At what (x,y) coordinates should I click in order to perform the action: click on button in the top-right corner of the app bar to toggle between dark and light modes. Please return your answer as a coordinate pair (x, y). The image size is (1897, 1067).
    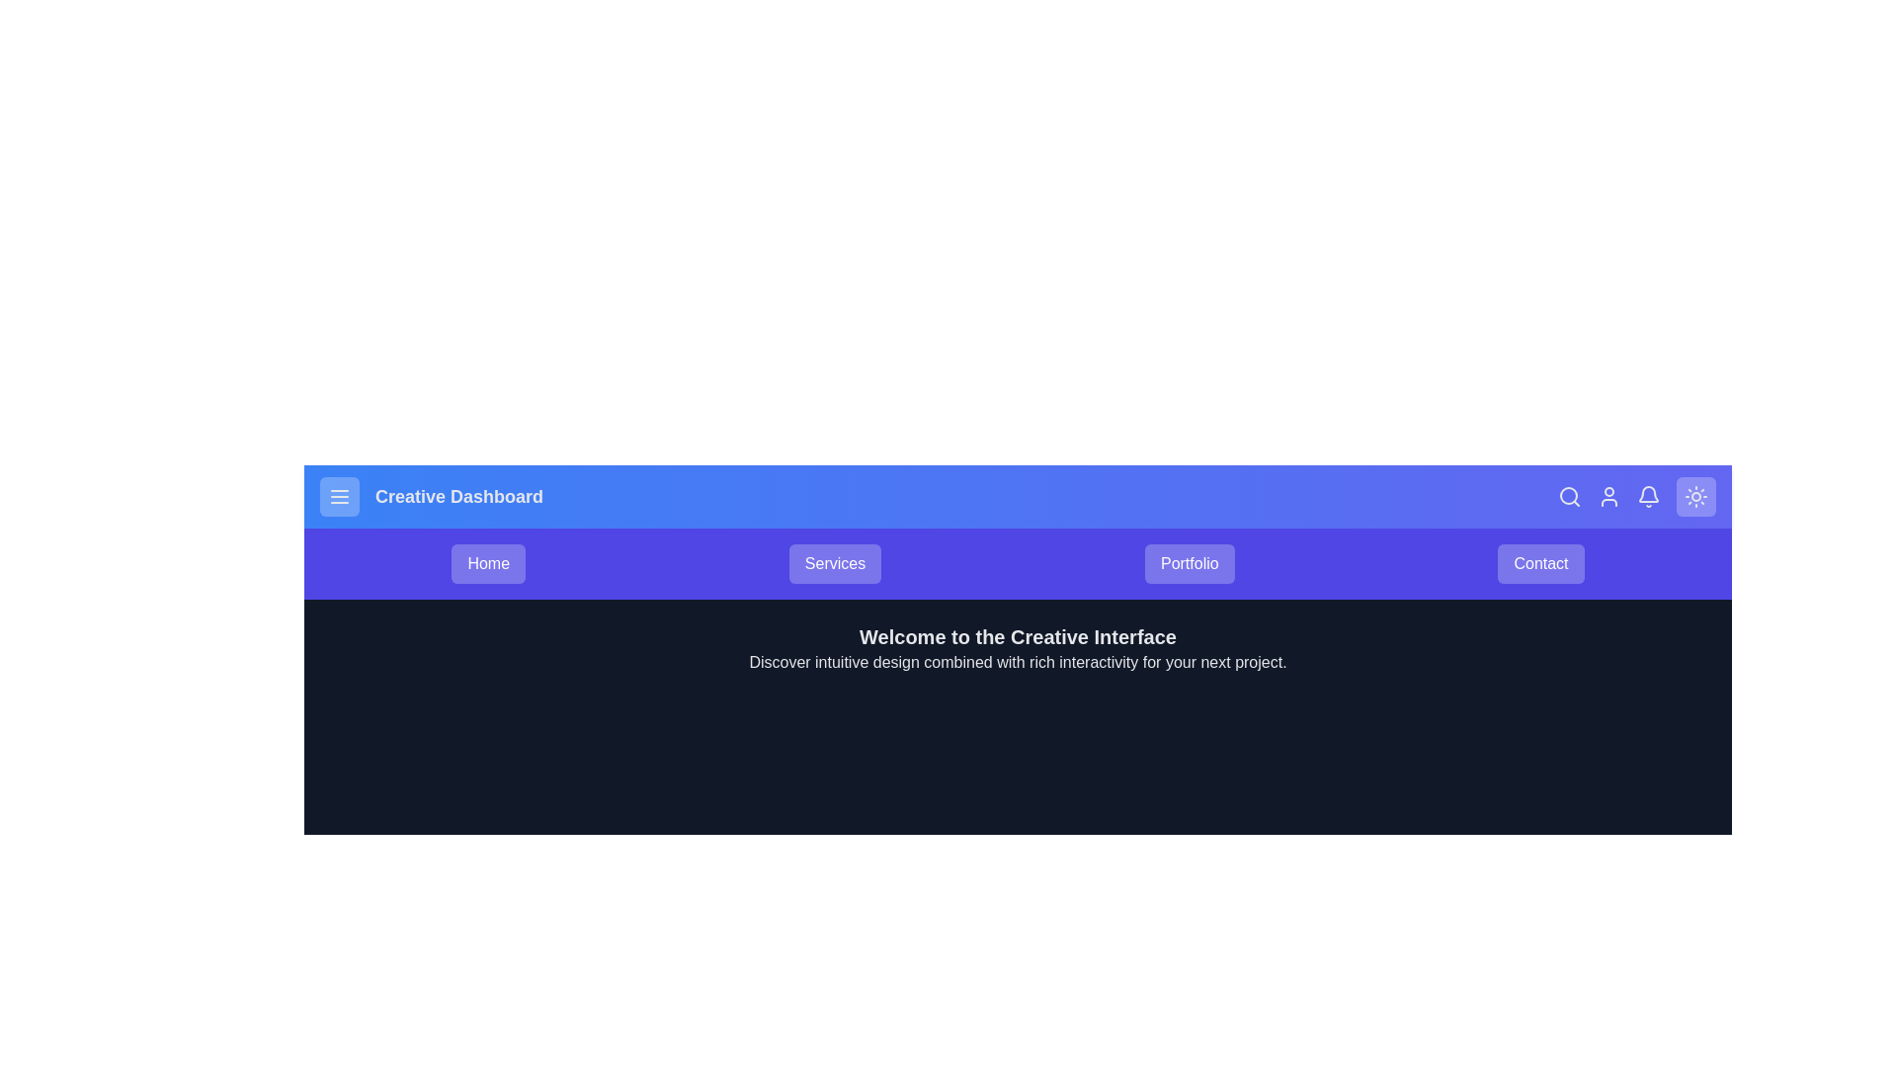
    Looking at the image, I should click on (1695, 495).